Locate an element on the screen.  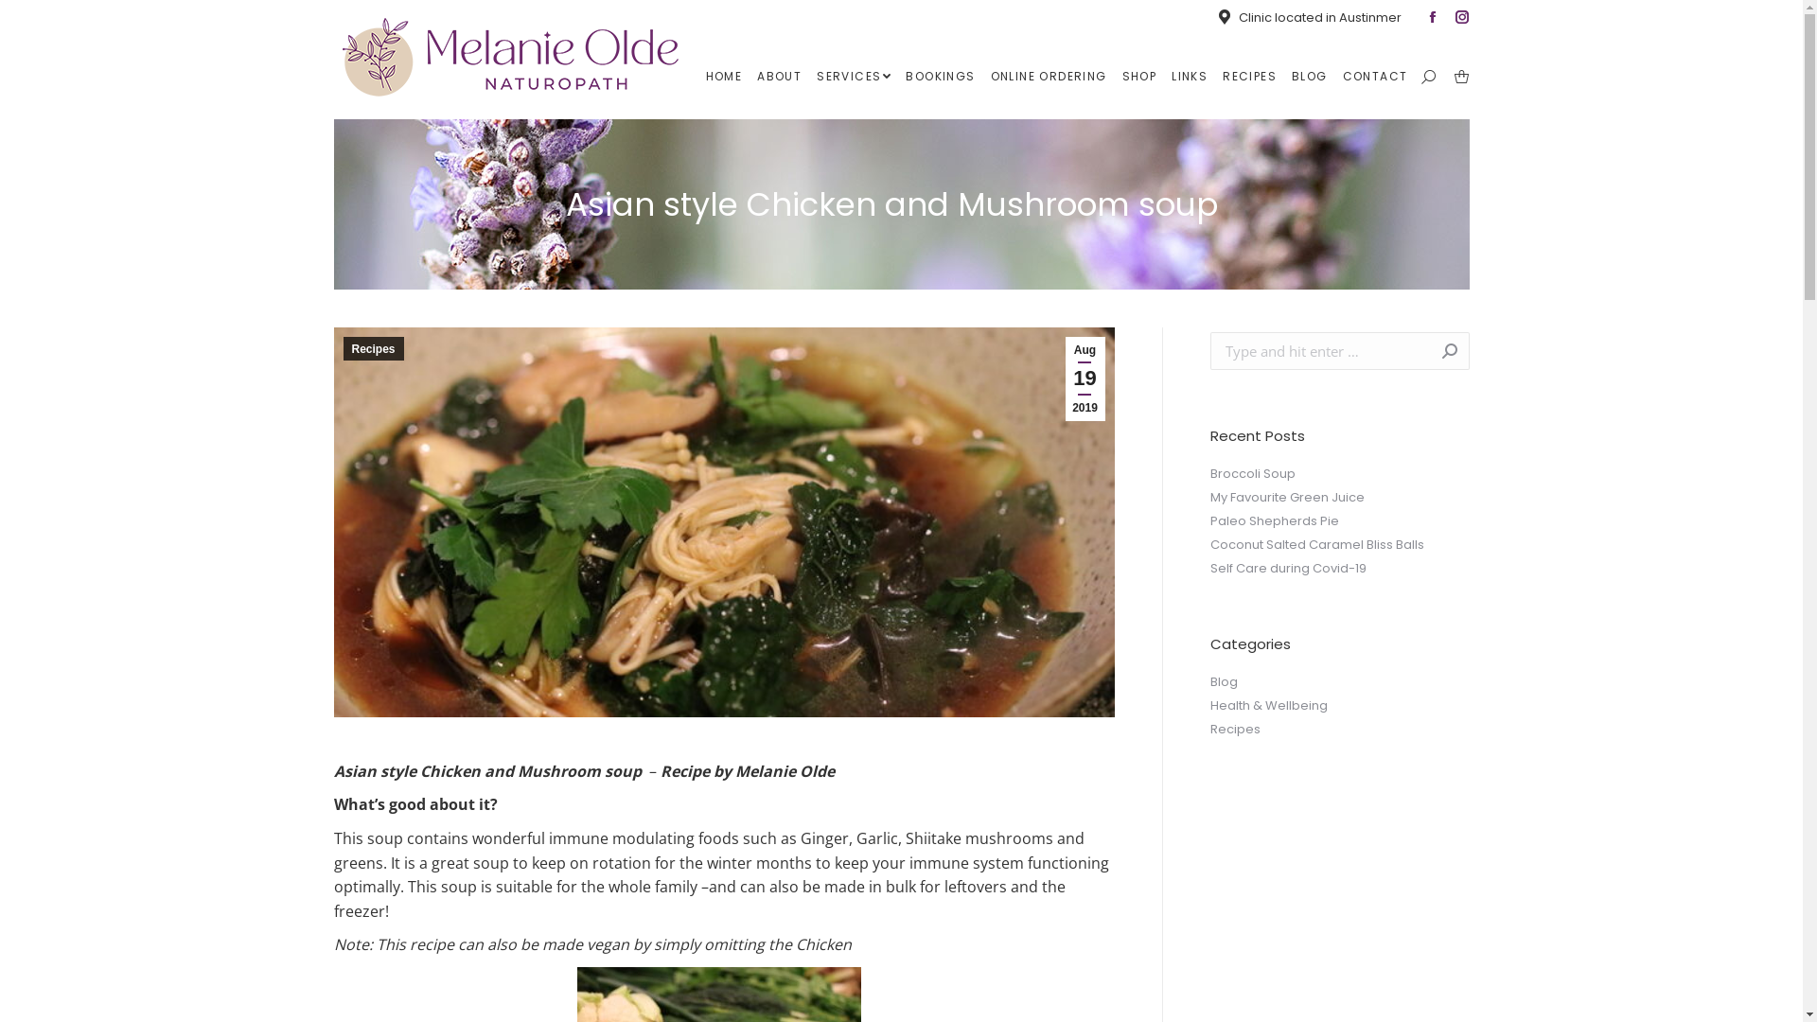
'Go!' is located at coordinates (1438, 350).